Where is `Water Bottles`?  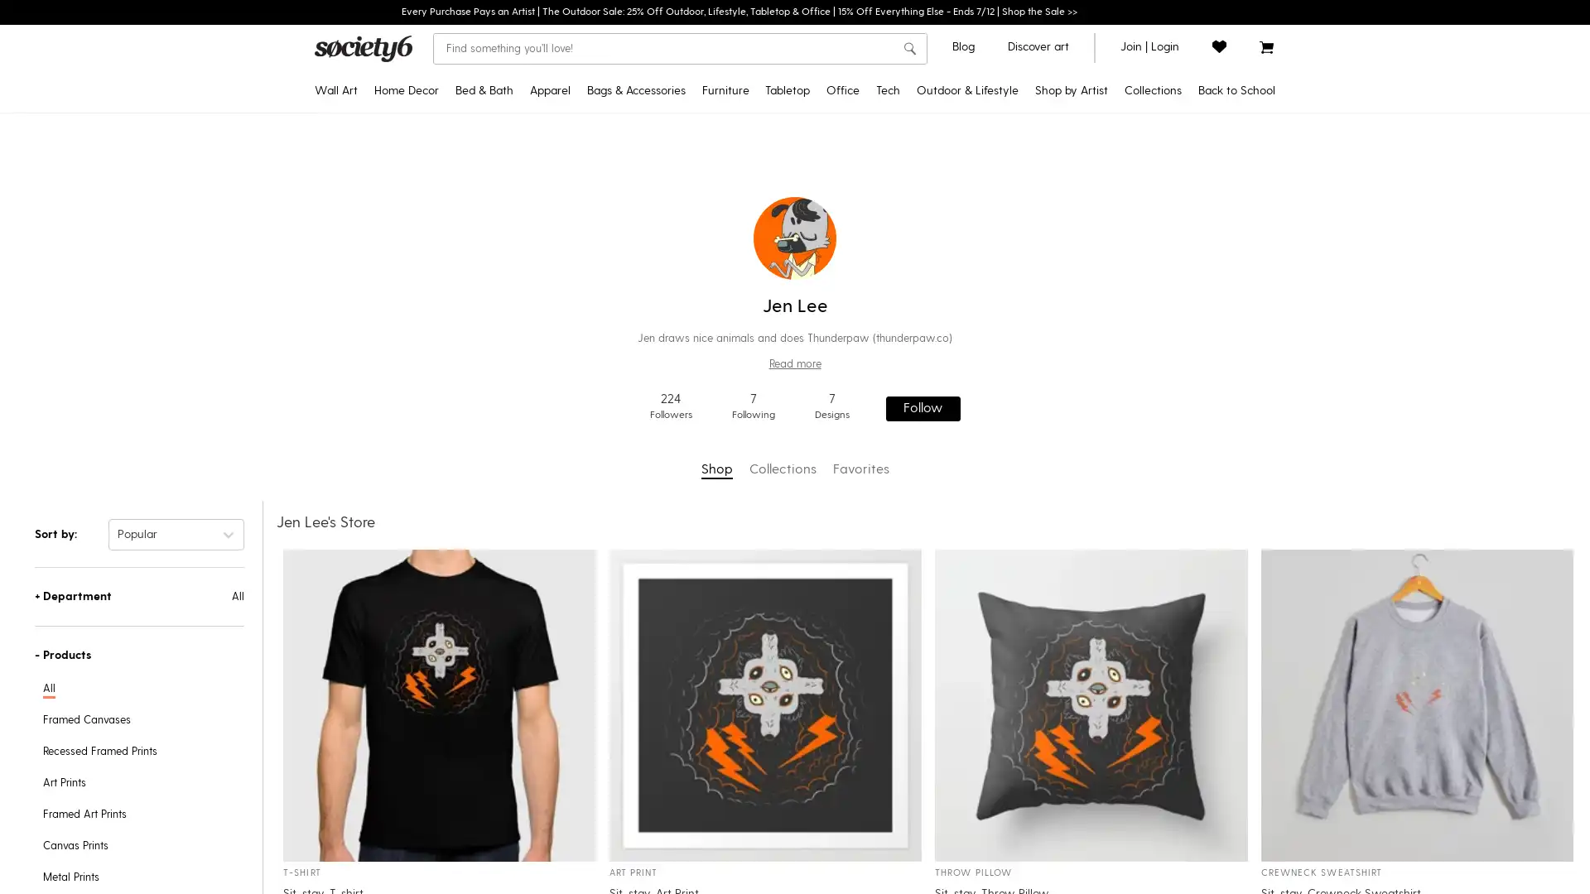
Water Bottles is located at coordinates (990, 213).